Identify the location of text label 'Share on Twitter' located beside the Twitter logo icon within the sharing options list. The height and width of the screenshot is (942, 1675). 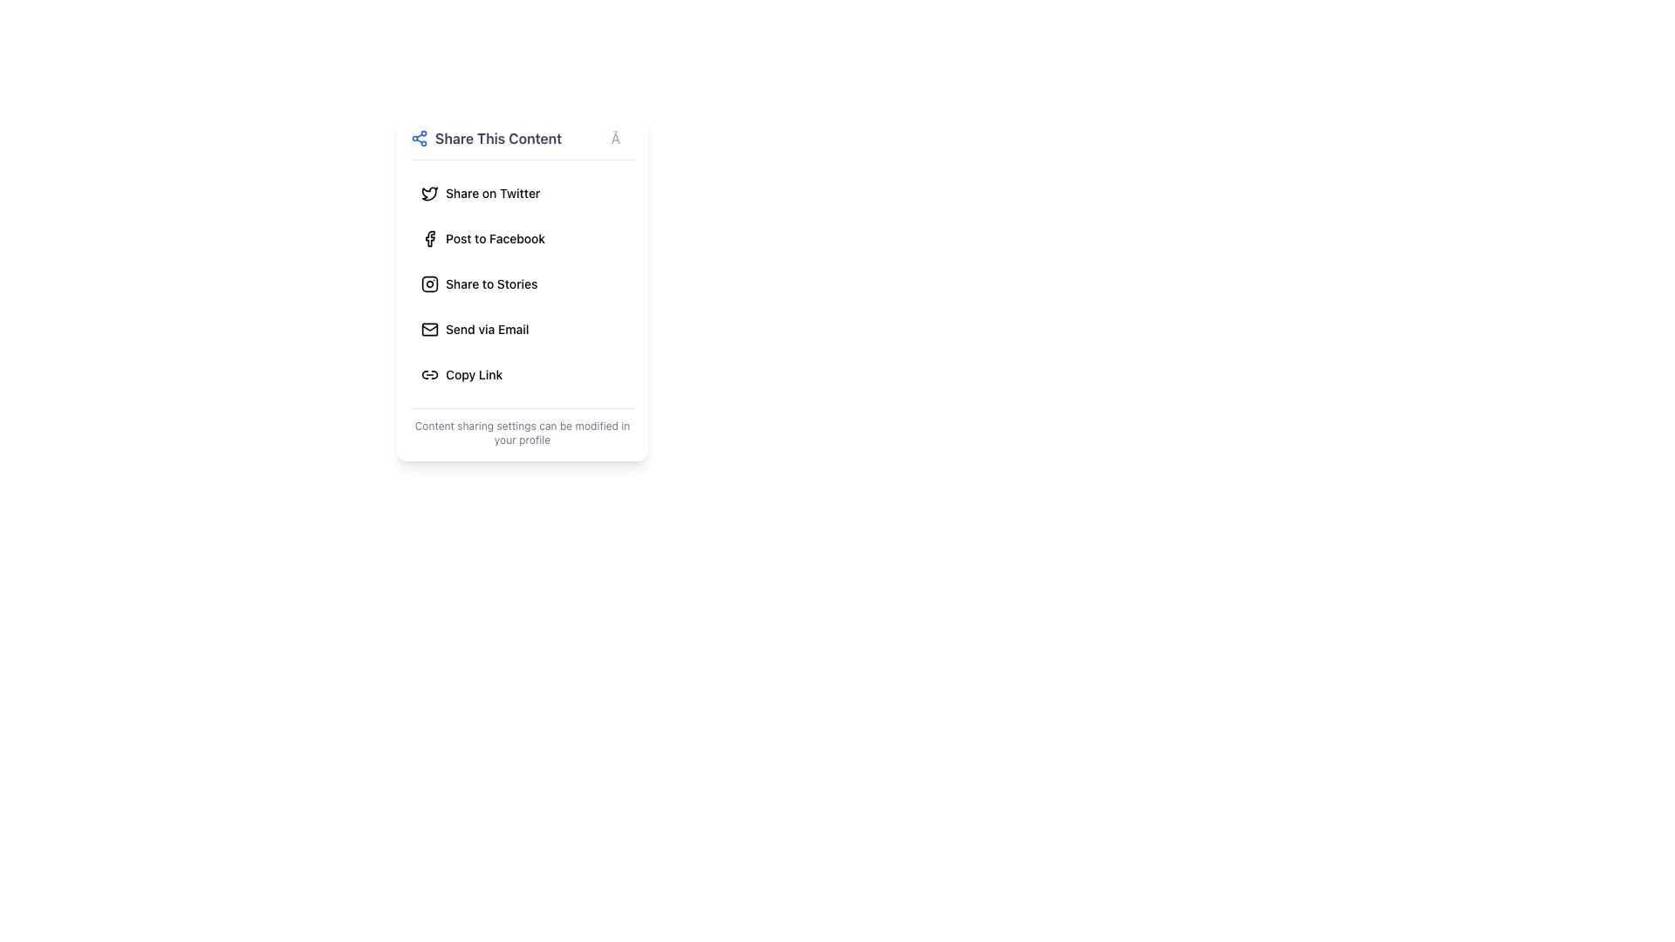
(492, 194).